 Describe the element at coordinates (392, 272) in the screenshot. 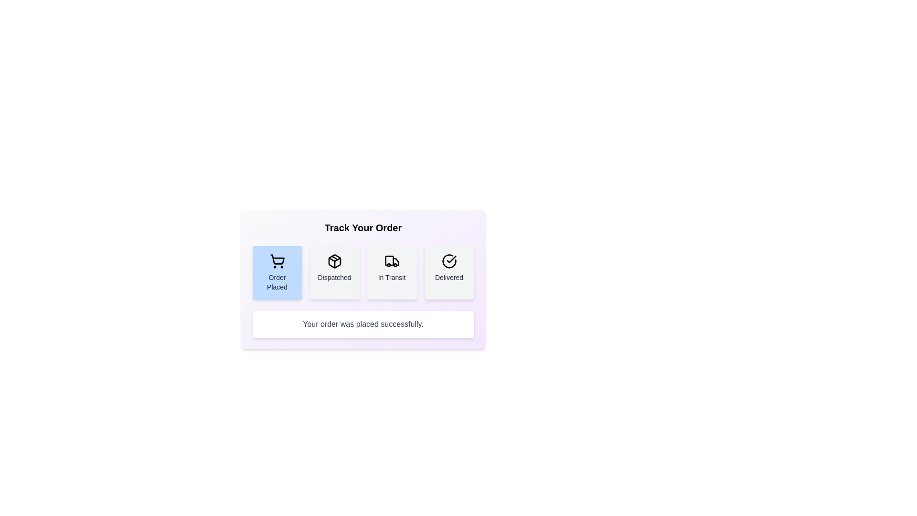

I see `the 'In Transit' button to view its details` at that location.